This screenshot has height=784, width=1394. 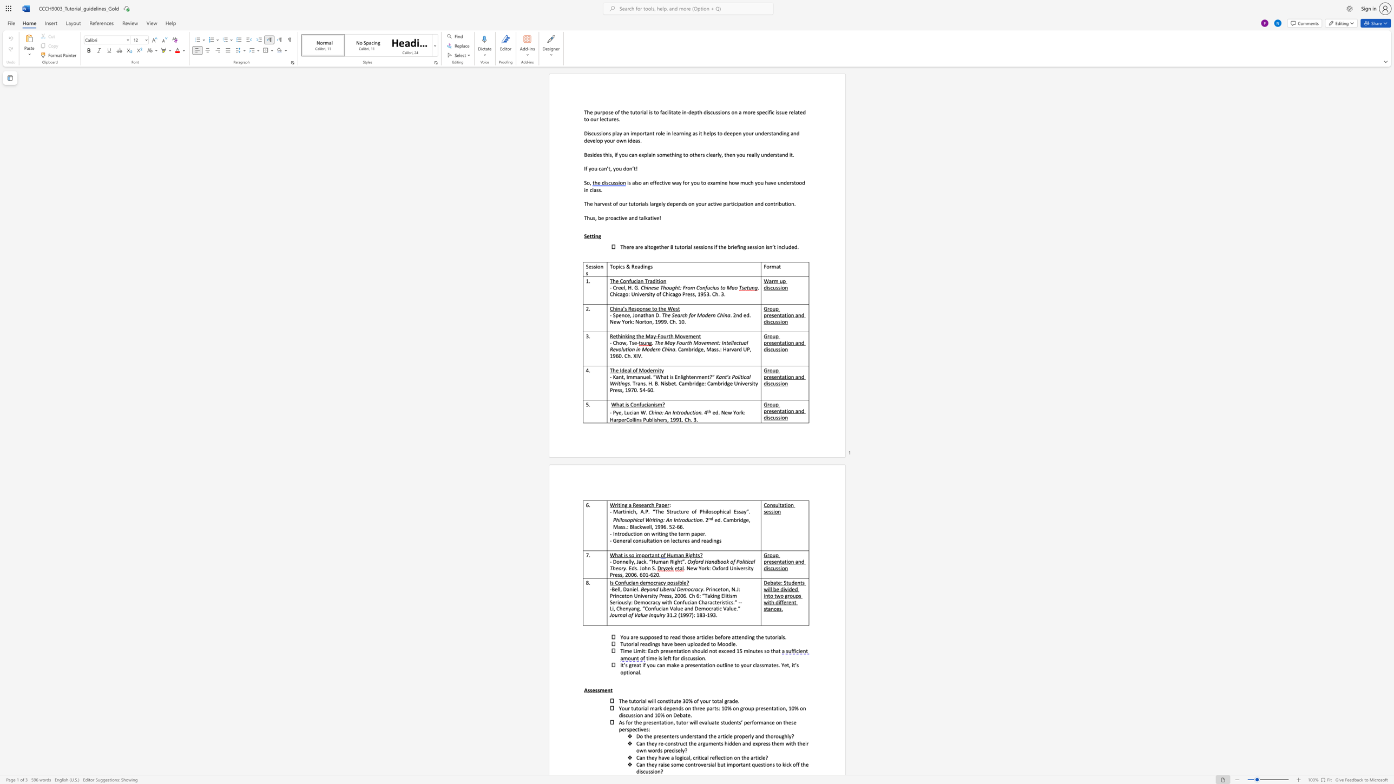 I want to click on the subset text "0." within the text ". 2nd ed. New York: Norton, 1999. Ch. 10.", so click(x=681, y=321).